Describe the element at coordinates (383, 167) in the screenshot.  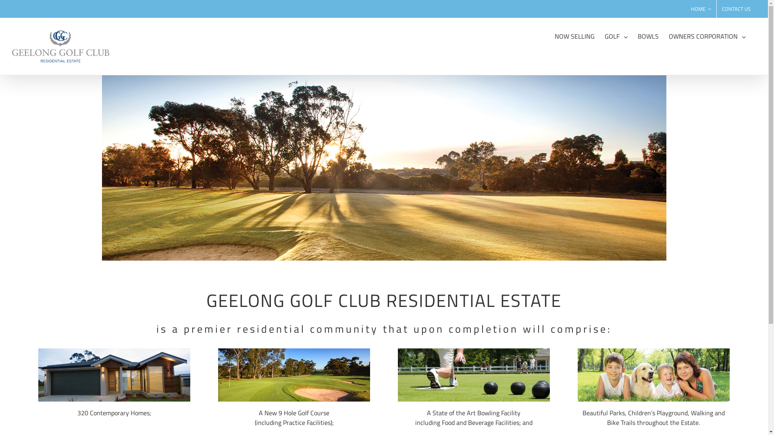
I see `'GGC_Course1_1400x460'` at that location.